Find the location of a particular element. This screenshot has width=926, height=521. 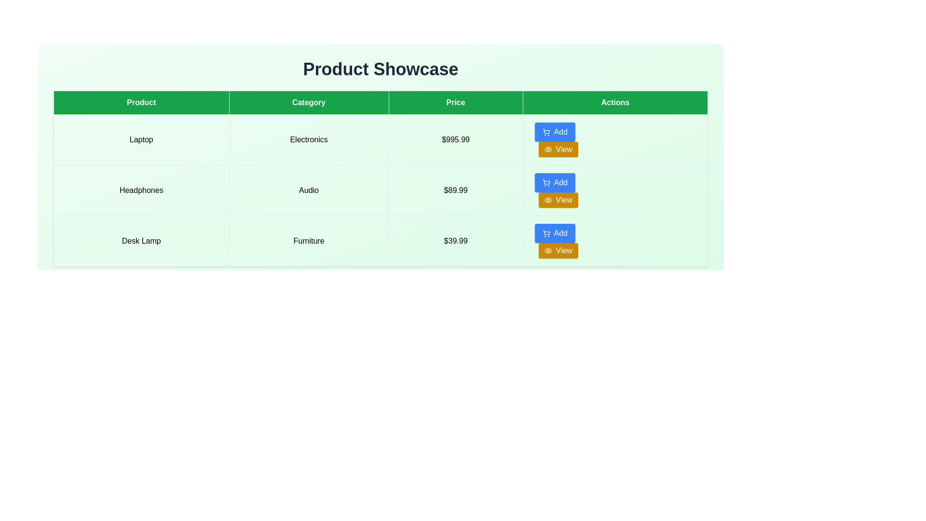

the shopping cart icon within the 'Add' button in the last row of the table associated with the 'Desk Lamp' product is located at coordinates (546, 233).